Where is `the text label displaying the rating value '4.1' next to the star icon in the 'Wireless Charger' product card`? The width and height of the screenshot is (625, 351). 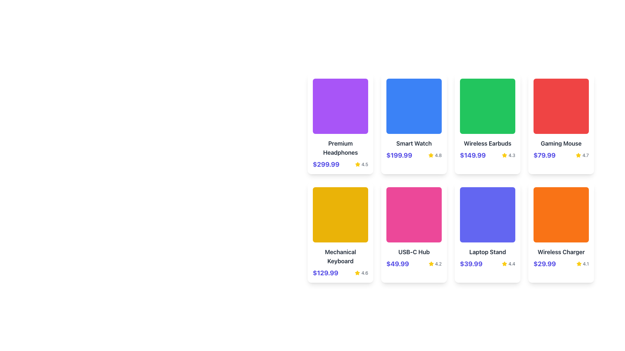 the text label displaying the rating value '4.1' next to the star icon in the 'Wireless Charger' product card is located at coordinates (586, 264).